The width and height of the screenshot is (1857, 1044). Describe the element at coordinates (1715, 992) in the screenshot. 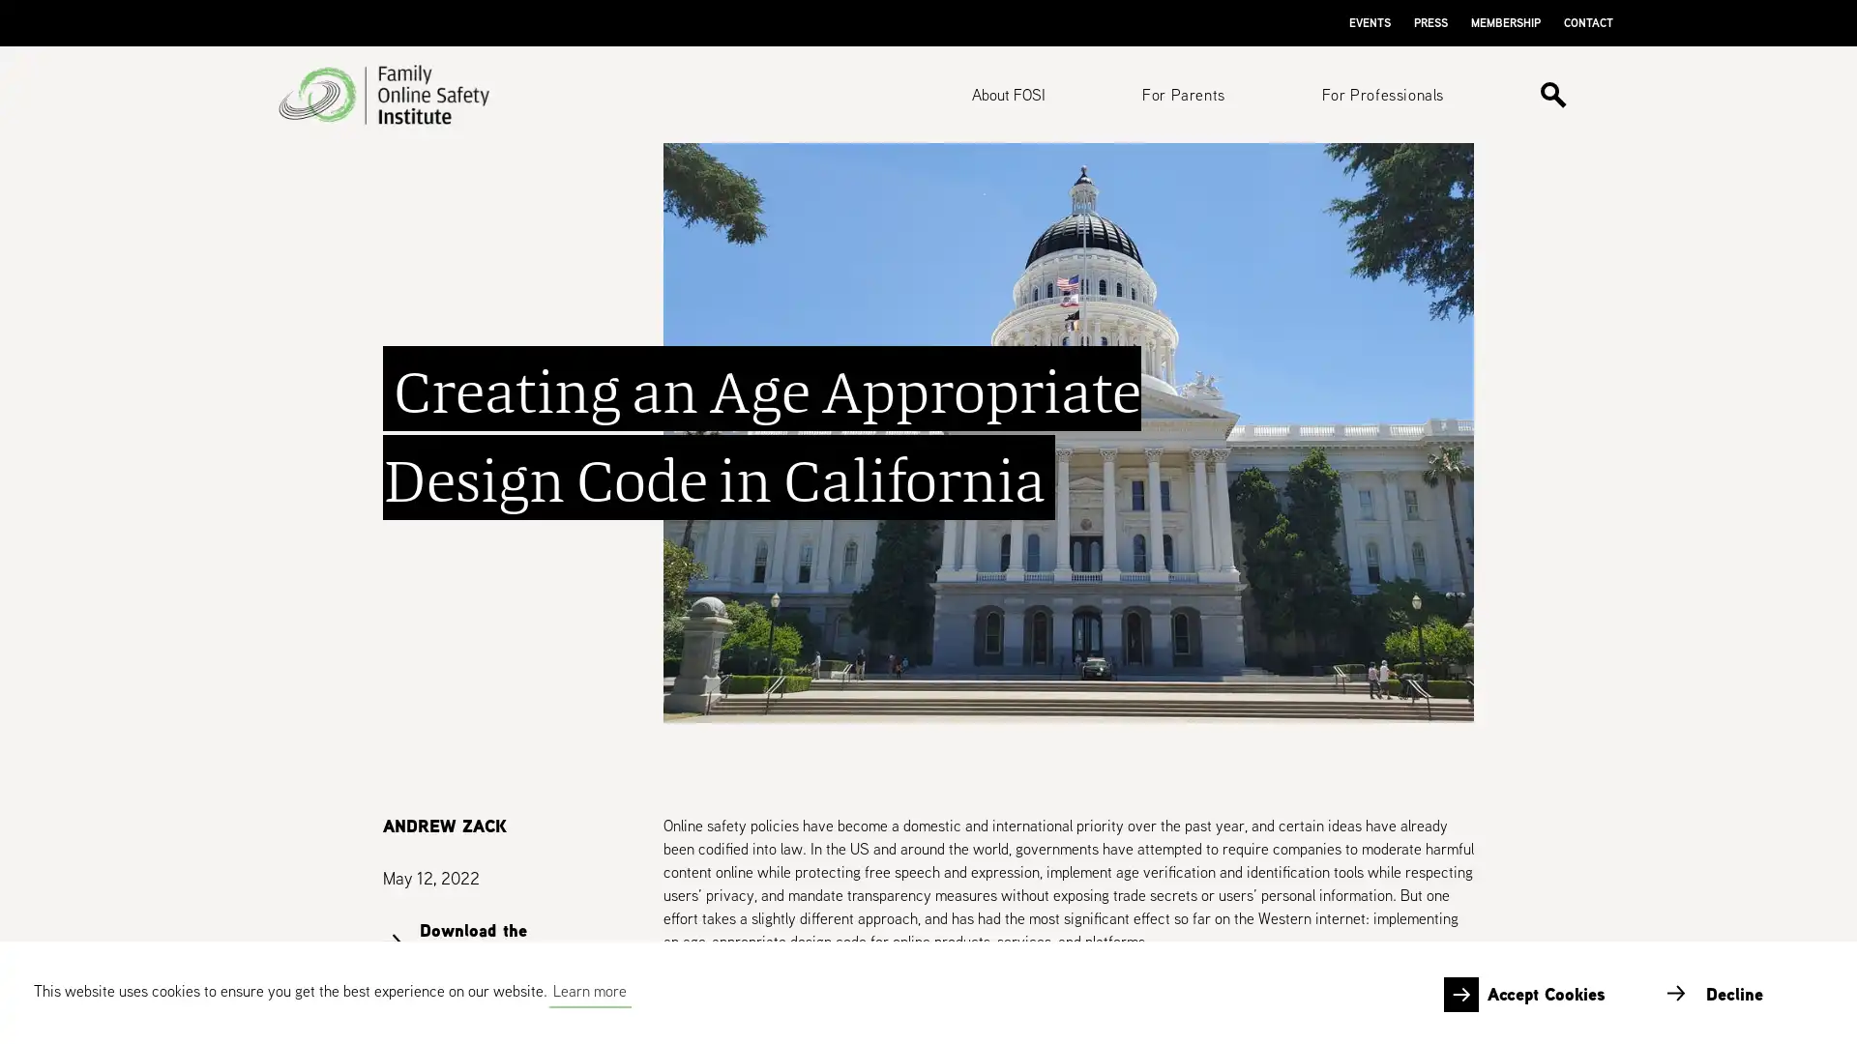

I see `deny cookies` at that location.